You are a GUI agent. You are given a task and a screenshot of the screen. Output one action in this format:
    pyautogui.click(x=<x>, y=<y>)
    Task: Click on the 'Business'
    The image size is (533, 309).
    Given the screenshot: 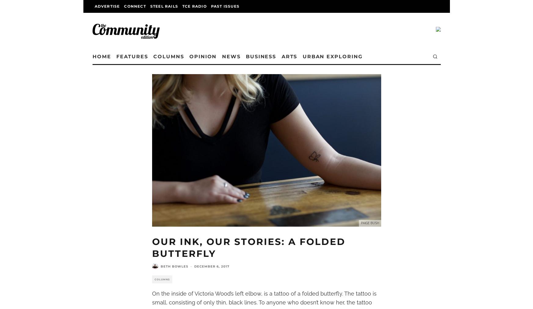 What is the action you would take?
    pyautogui.click(x=292, y=56)
    